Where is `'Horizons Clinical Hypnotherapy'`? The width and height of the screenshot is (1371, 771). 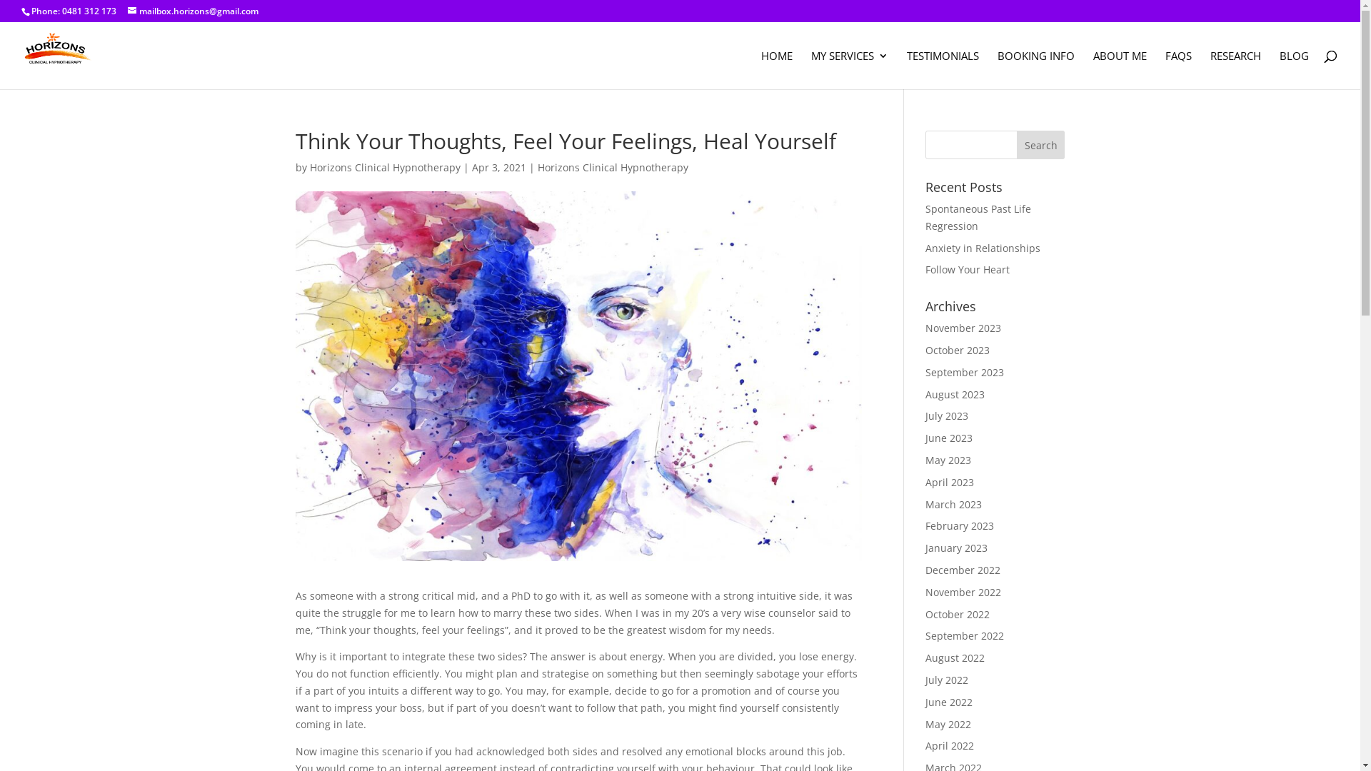 'Horizons Clinical Hypnotherapy' is located at coordinates (536, 166).